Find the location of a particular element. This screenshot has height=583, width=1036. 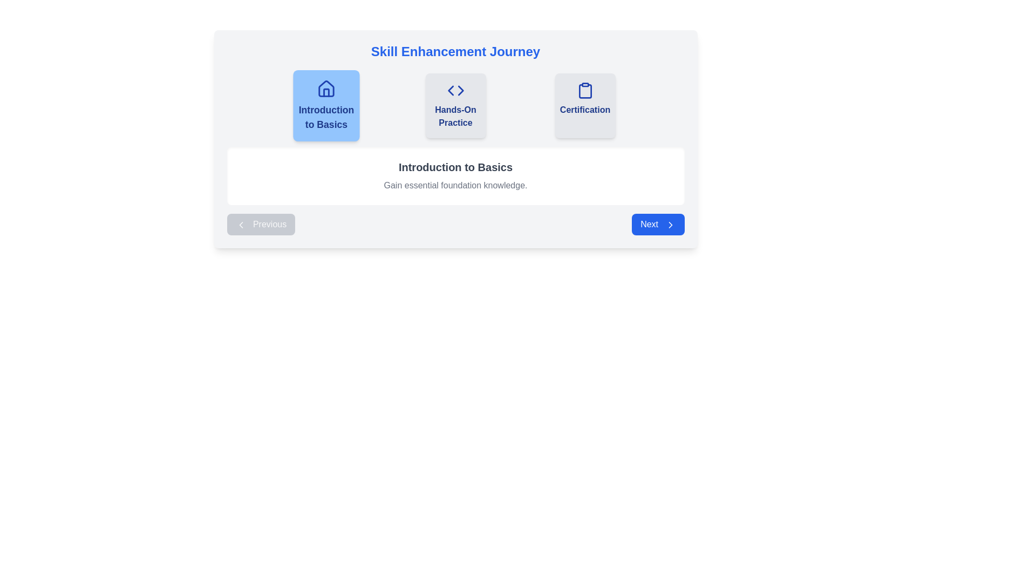

the 'Previous' button which has a light gray background and white text, featuring rounded corners and an arrow icon for backward navigation is located at coordinates (261, 224).